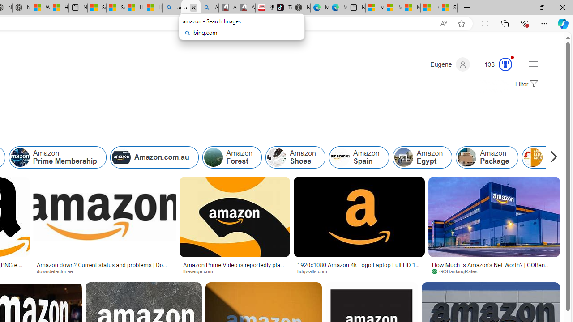 This screenshot has height=322, width=573. What do you see at coordinates (154, 157) in the screenshot?
I see `'Amazon.com.au'` at bounding box center [154, 157].